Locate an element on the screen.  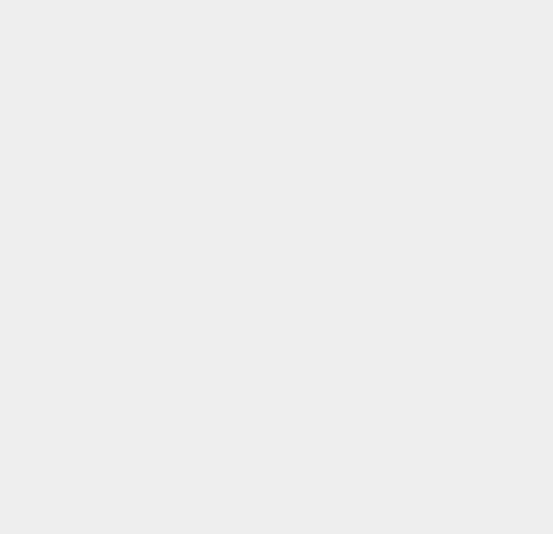
'Ovi' is located at coordinates (396, 282).